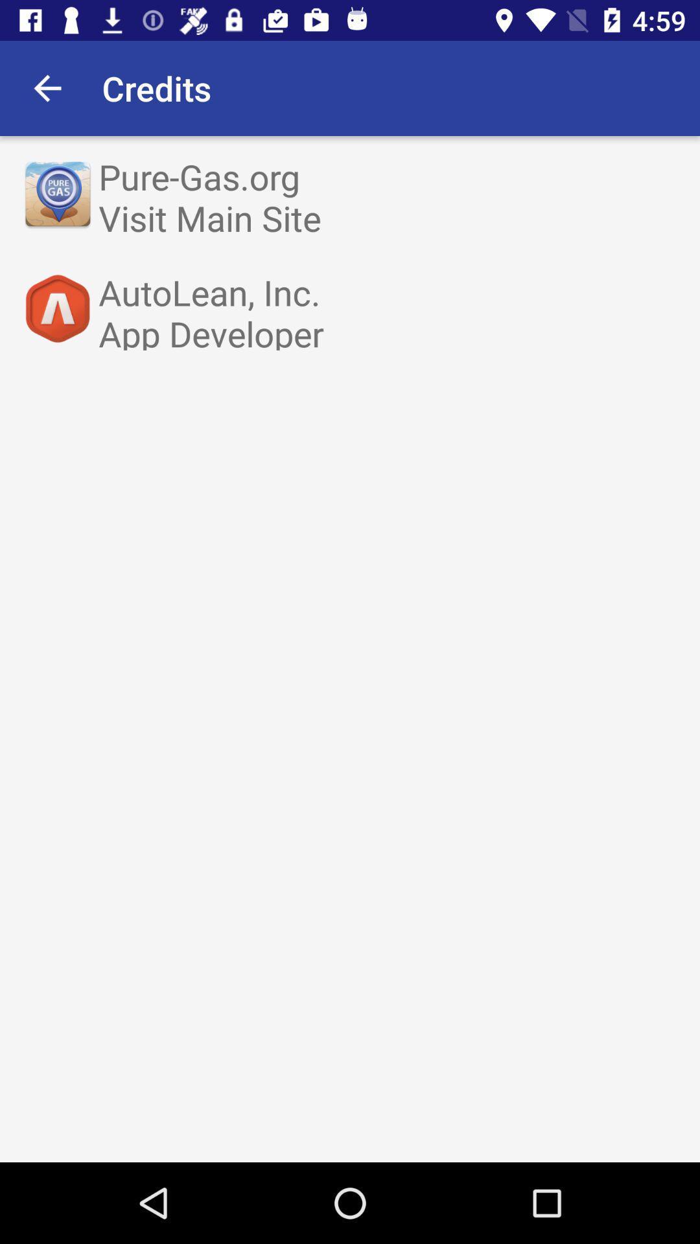 This screenshot has width=700, height=1244. Describe the element at coordinates (47, 87) in the screenshot. I see `item to the left of the credits item` at that location.